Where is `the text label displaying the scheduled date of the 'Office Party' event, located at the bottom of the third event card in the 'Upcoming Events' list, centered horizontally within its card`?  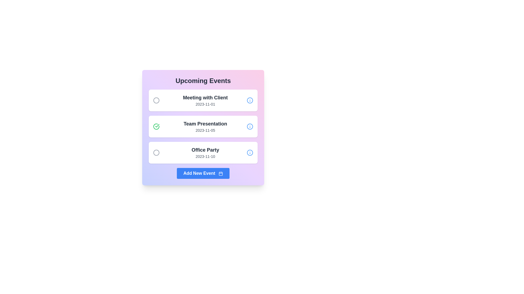 the text label displaying the scheduled date of the 'Office Party' event, located at the bottom of the third event card in the 'Upcoming Events' list, centered horizontally within its card is located at coordinates (205, 156).